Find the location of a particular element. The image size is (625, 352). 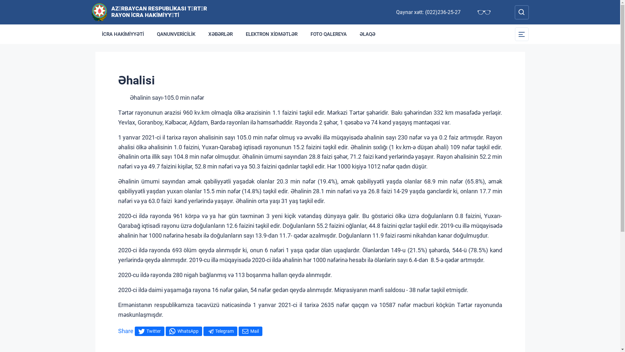

'Twitter' is located at coordinates (149, 331).